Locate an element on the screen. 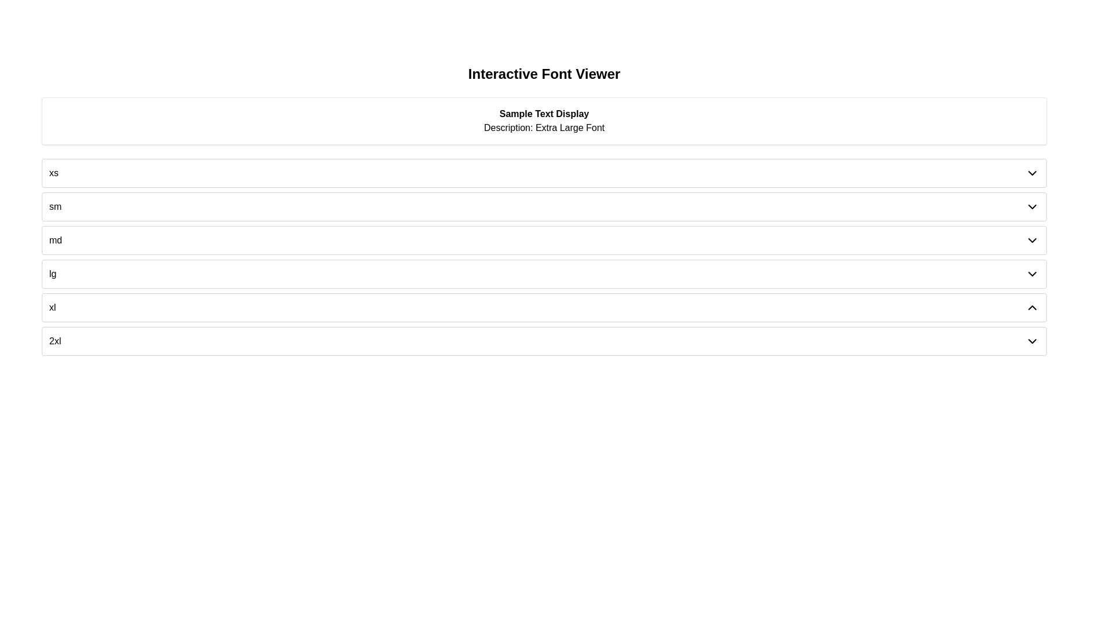 The width and height of the screenshot is (1113, 626). the Dropdown toggle icon located at the far-right side of the row labeled 'xs' is located at coordinates (1032, 173).